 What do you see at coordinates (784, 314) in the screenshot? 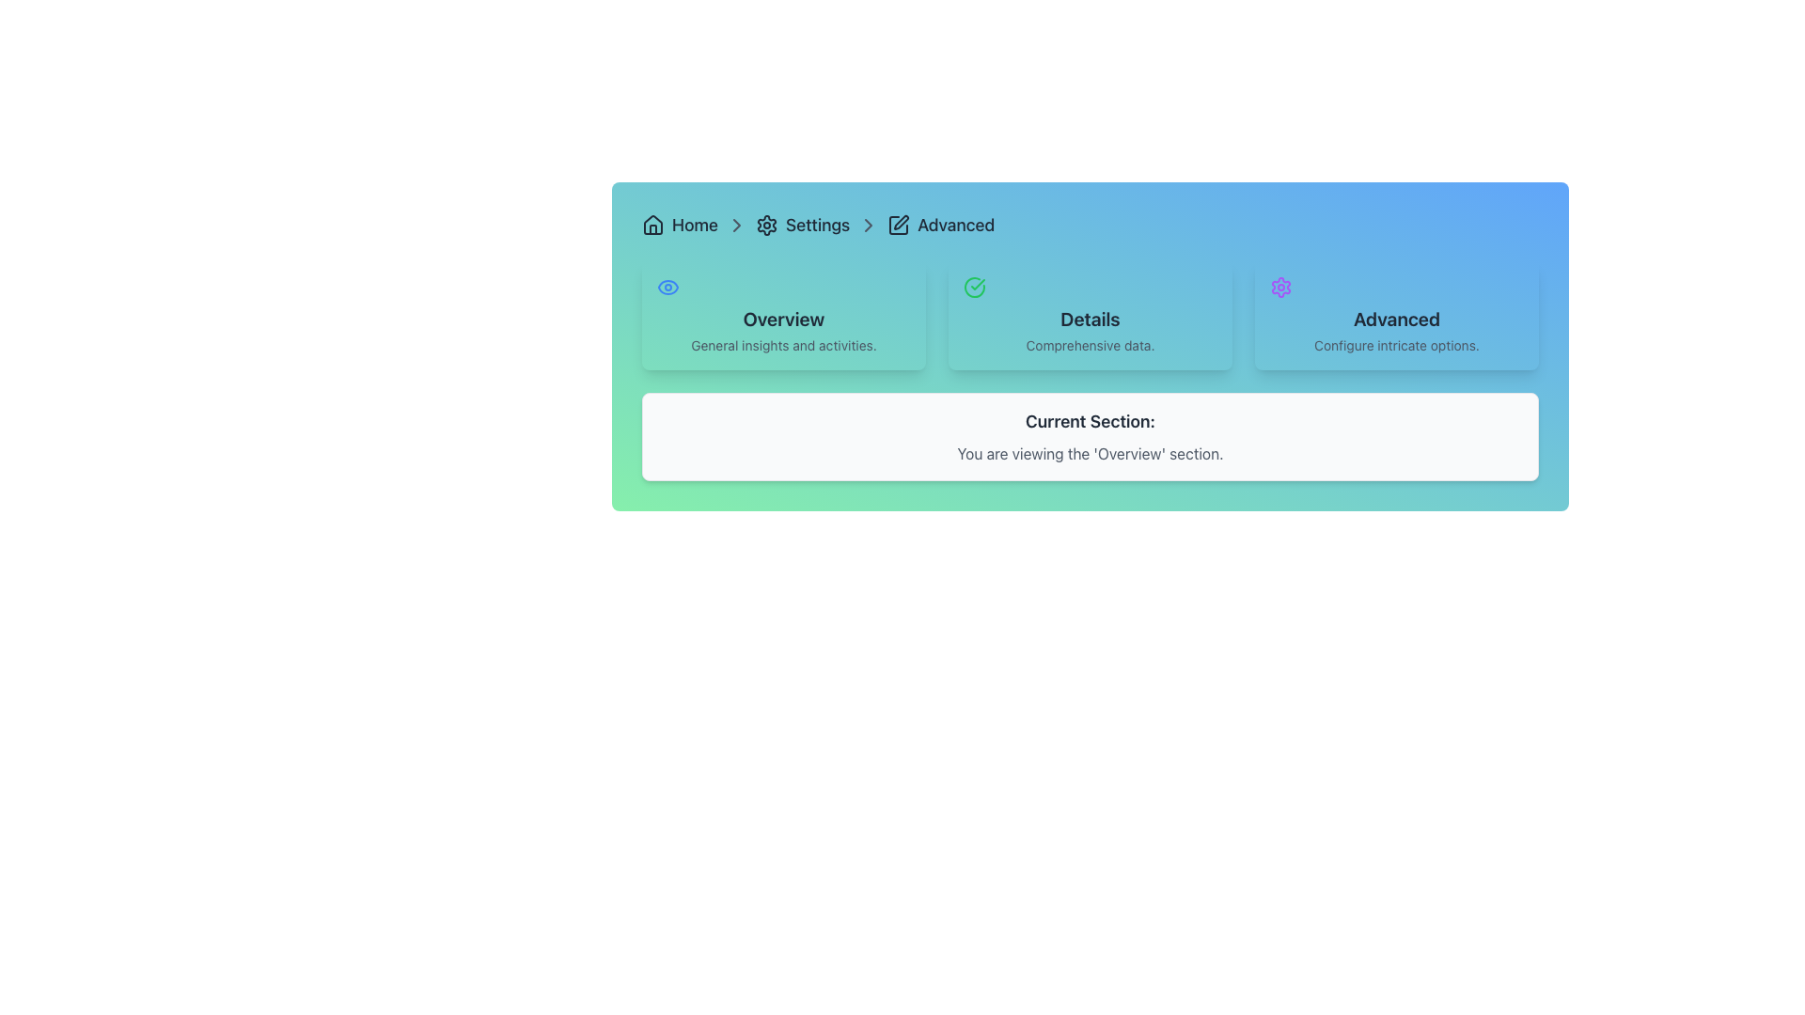
I see `the 'Overview' card, which is the first card in a grid layout, featuring an eye icon in blue and the title 'Overview' in bold` at bounding box center [784, 314].